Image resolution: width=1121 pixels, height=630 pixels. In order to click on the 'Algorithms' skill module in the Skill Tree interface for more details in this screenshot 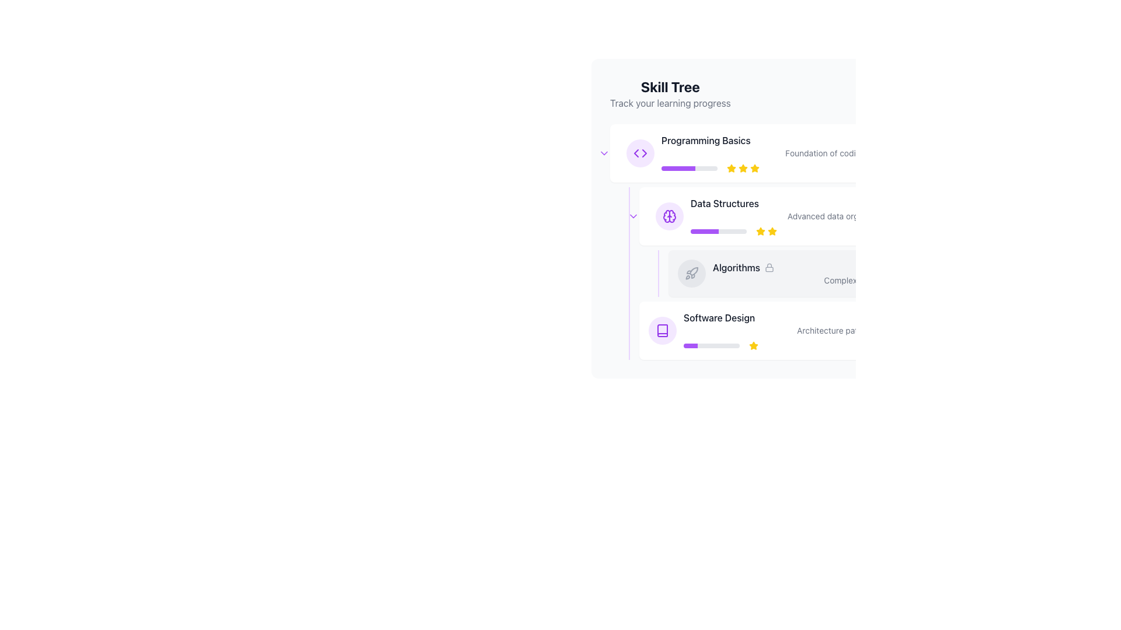, I will do `click(849, 274)`.